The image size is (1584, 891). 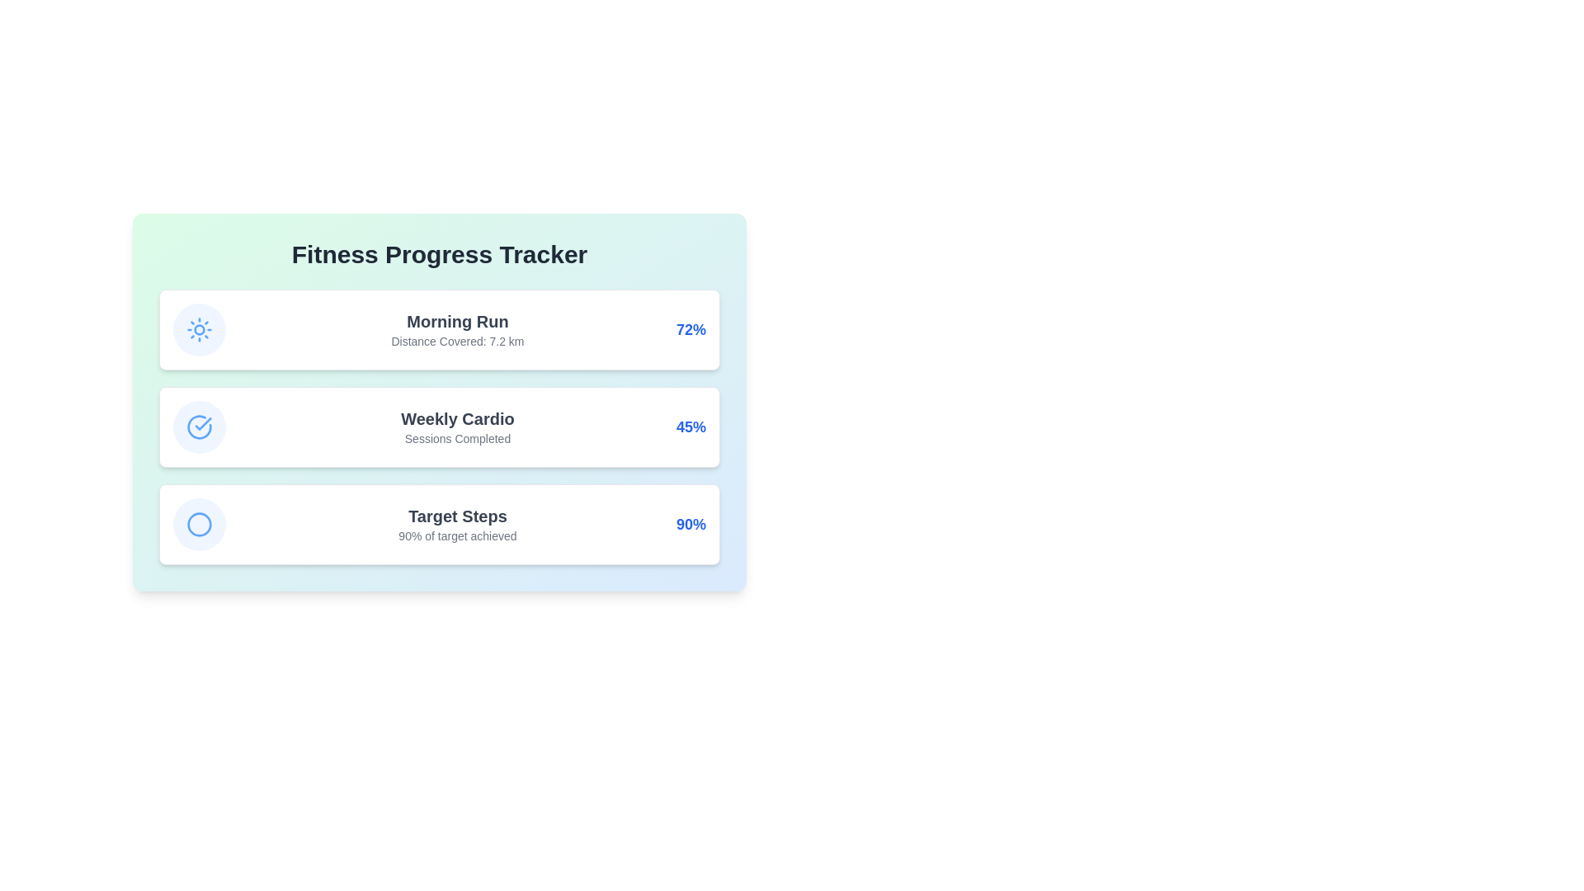 What do you see at coordinates (202, 422) in the screenshot?
I see `the small, angled checkmark shape within the second entry of the 'Fitness Progress Tracker' interface, located in the circular icon on the left of the 'Weekly Cardio' section` at bounding box center [202, 422].